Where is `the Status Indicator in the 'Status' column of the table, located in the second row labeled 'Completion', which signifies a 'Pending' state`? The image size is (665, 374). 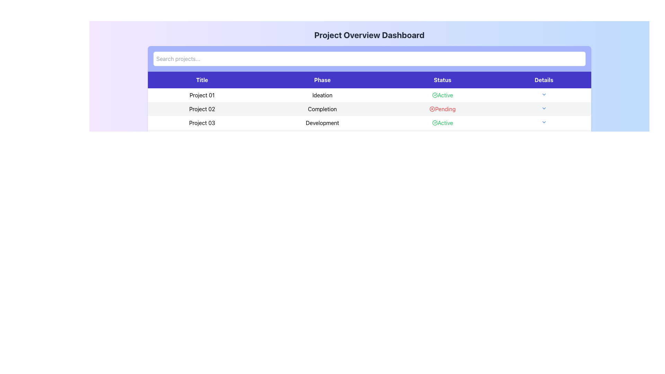
the Status Indicator in the 'Status' column of the table, located in the second row labeled 'Completion', which signifies a 'Pending' state is located at coordinates (442, 109).